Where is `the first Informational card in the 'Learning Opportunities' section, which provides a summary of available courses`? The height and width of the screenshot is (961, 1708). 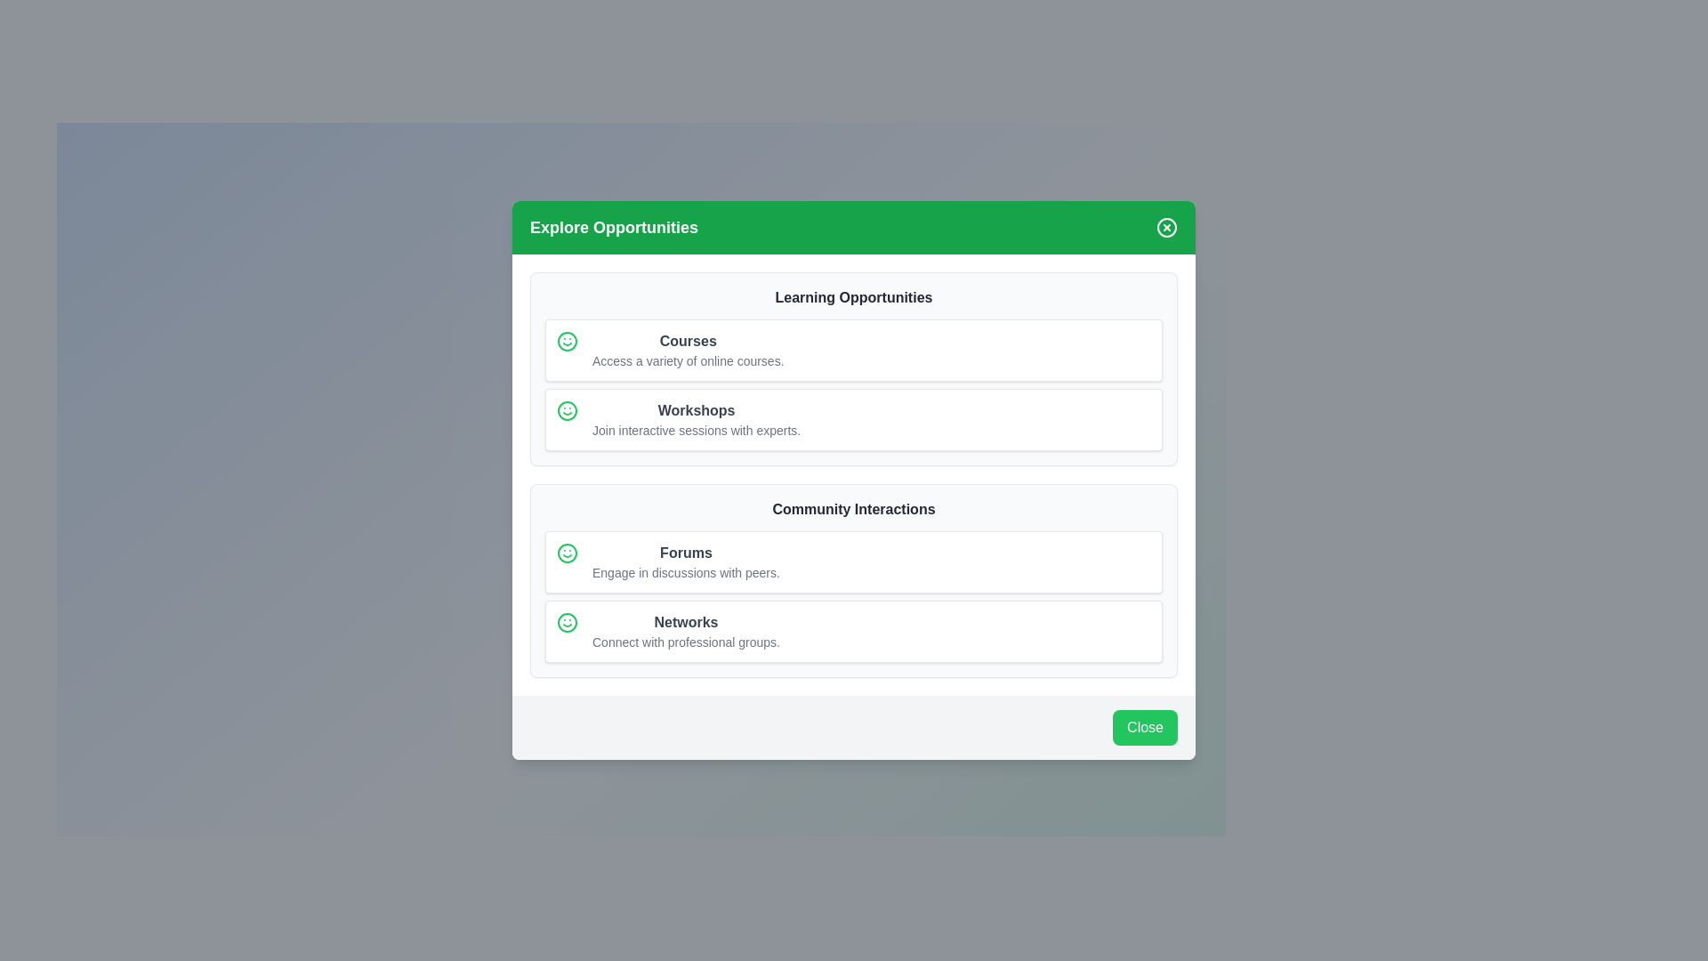
the first Informational card in the 'Learning Opportunities' section, which provides a summary of available courses is located at coordinates (854, 350).